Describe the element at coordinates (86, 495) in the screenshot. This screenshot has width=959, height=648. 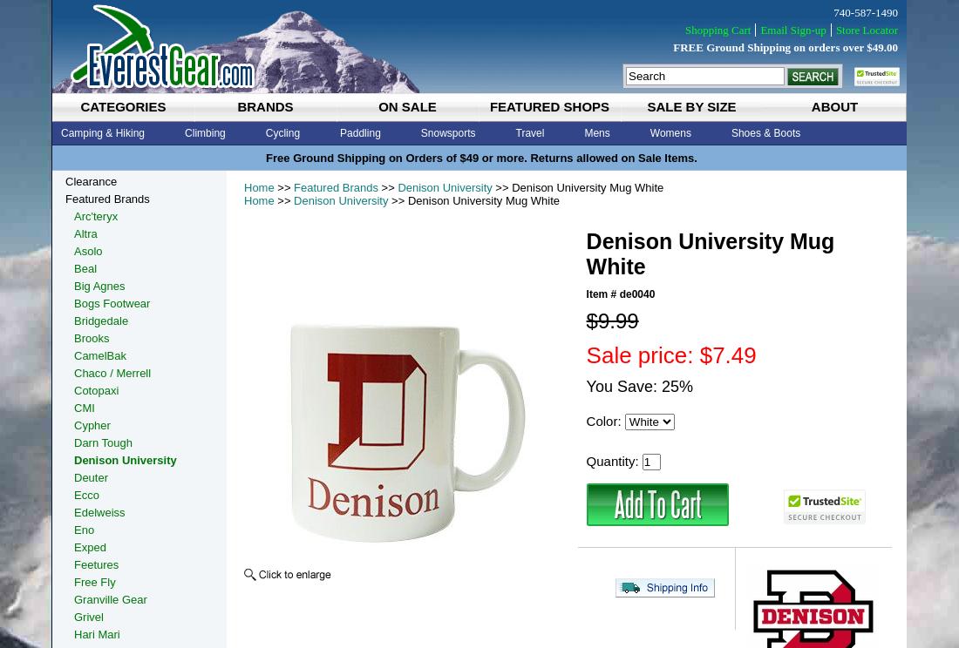
I see `'Ecco'` at that location.